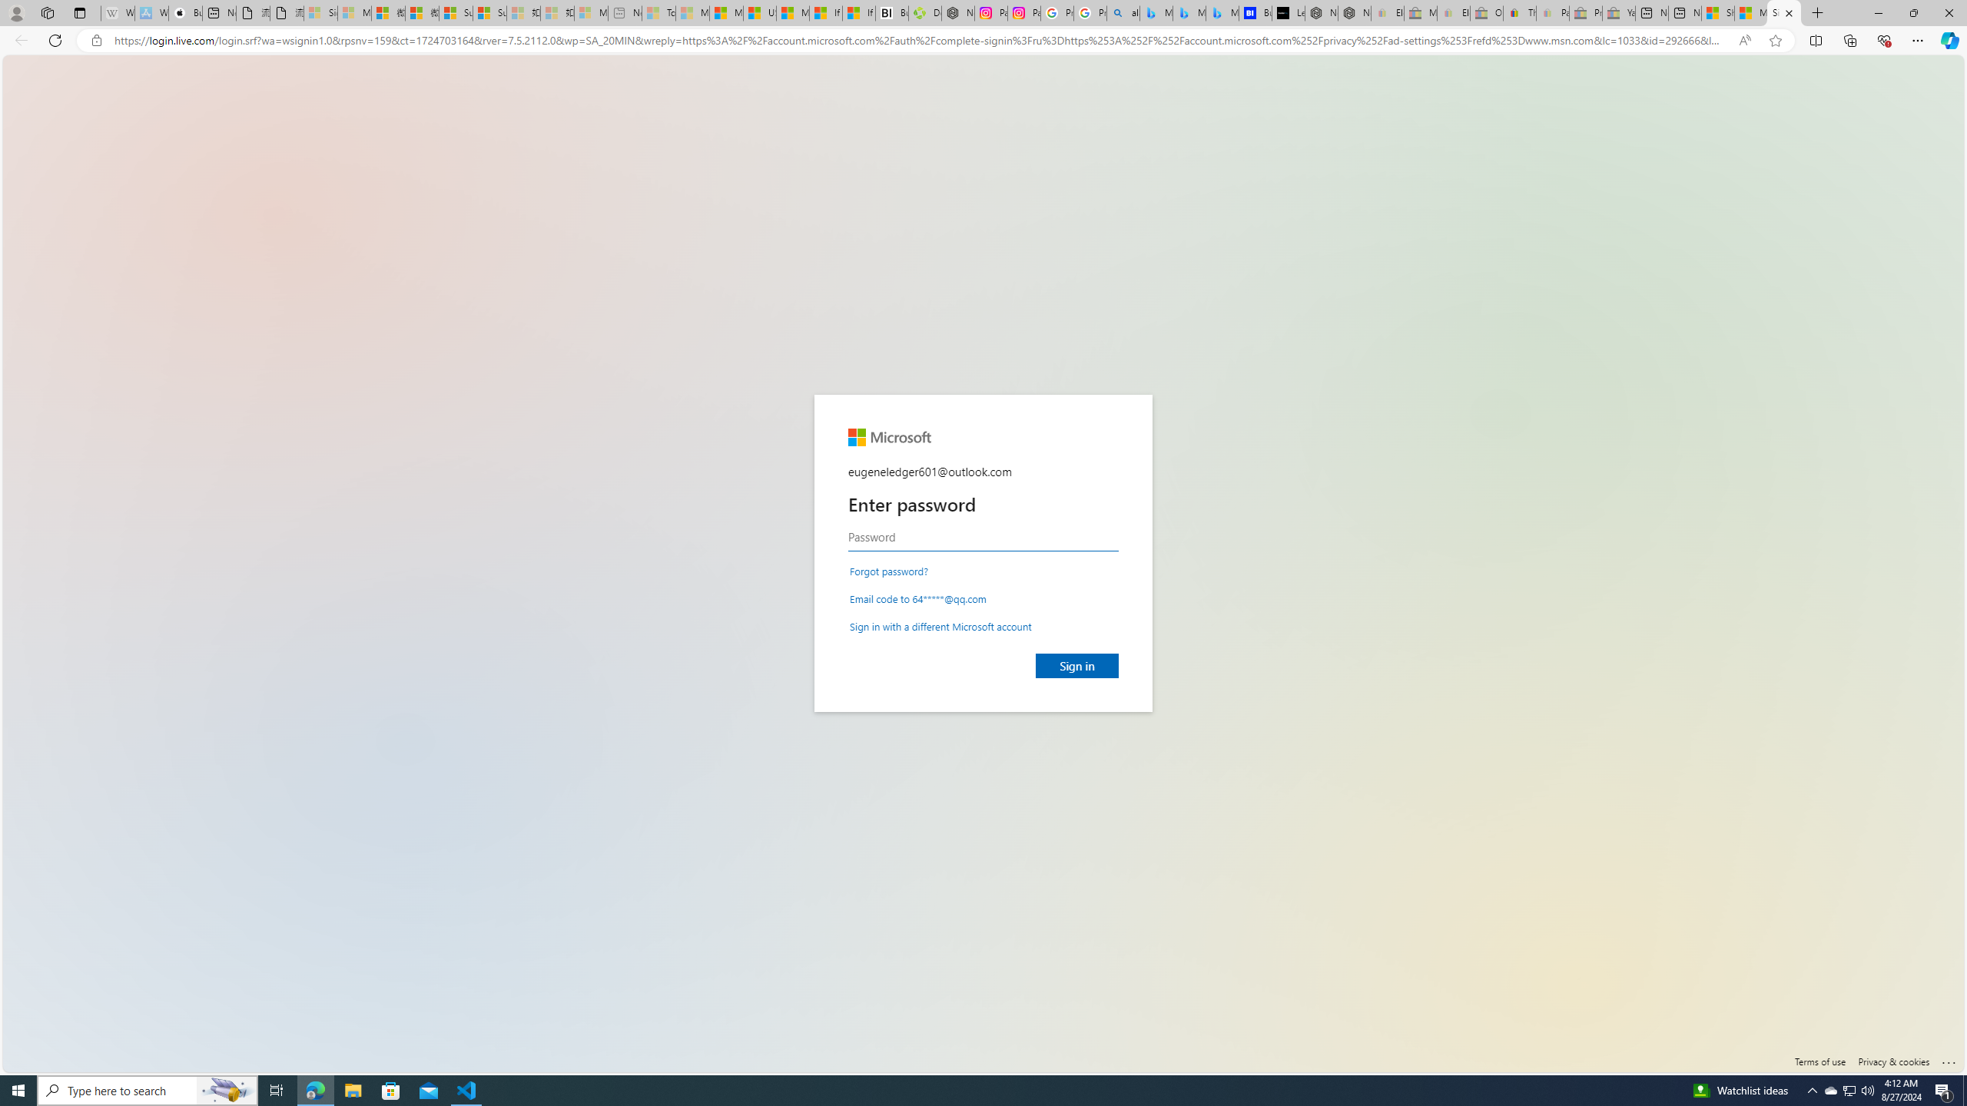  I want to click on 'Microsoft Bing Travel - Shangri-La Hotel Bangkok', so click(1222, 12).